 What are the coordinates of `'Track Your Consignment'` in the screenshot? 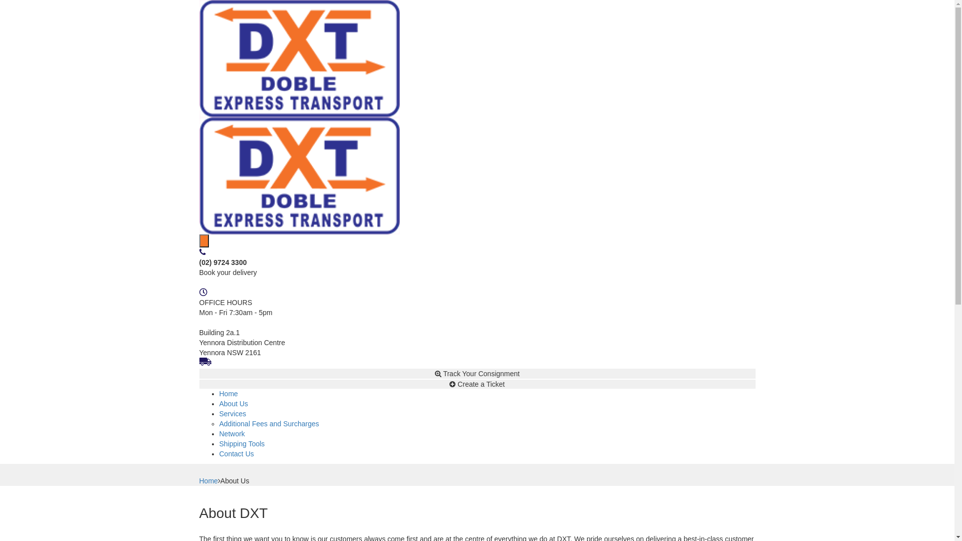 It's located at (477, 373).